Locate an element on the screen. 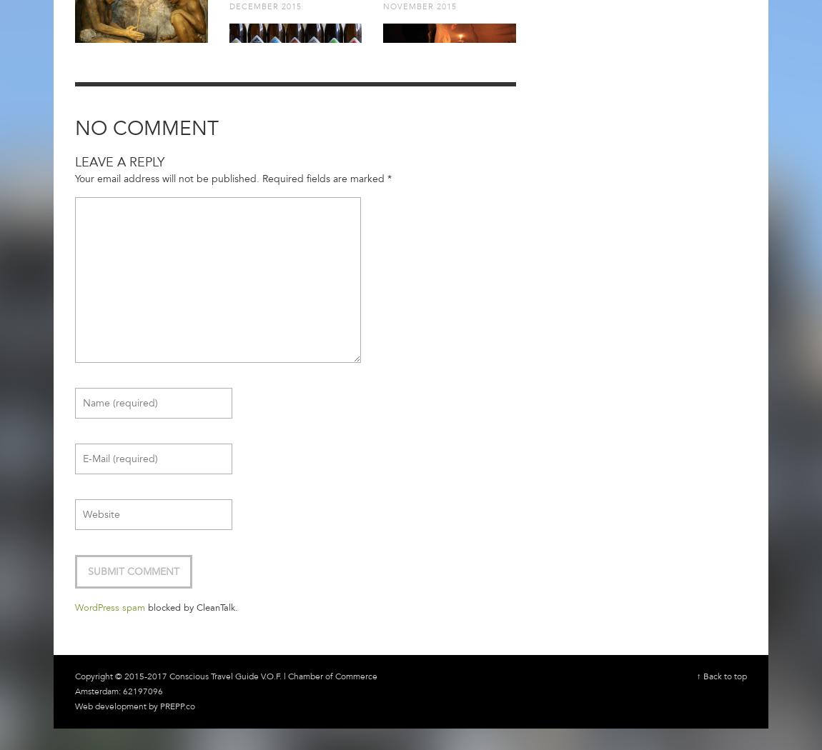 This screenshot has height=750, width=822. 'Required fields are marked' is located at coordinates (323, 179).